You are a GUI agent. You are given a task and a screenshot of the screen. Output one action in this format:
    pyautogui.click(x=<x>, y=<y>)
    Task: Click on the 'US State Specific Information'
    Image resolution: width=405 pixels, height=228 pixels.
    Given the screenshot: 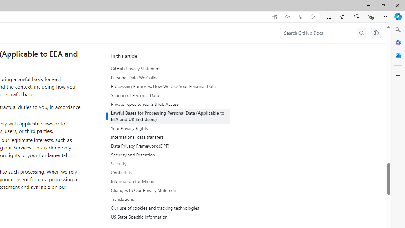 What is the action you would take?
    pyautogui.click(x=170, y=217)
    